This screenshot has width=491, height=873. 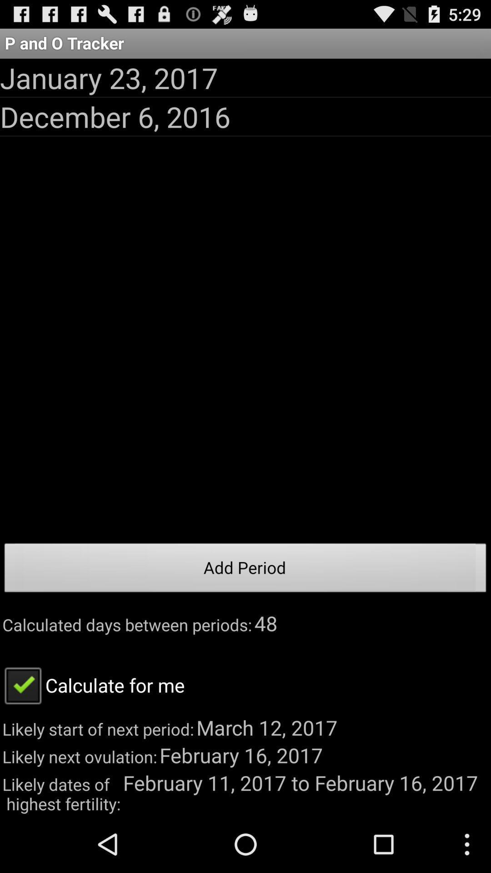 What do you see at coordinates (108, 78) in the screenshot?
I see `the january 23, 2017 item` at bounding box center [108, 78].